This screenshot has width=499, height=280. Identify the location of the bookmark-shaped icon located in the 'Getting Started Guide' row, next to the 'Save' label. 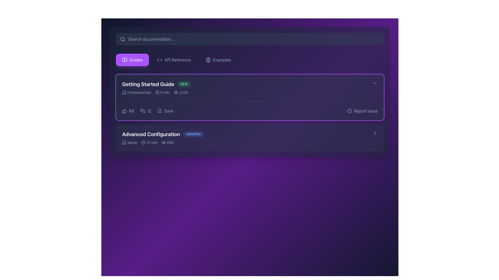
(160, 111).